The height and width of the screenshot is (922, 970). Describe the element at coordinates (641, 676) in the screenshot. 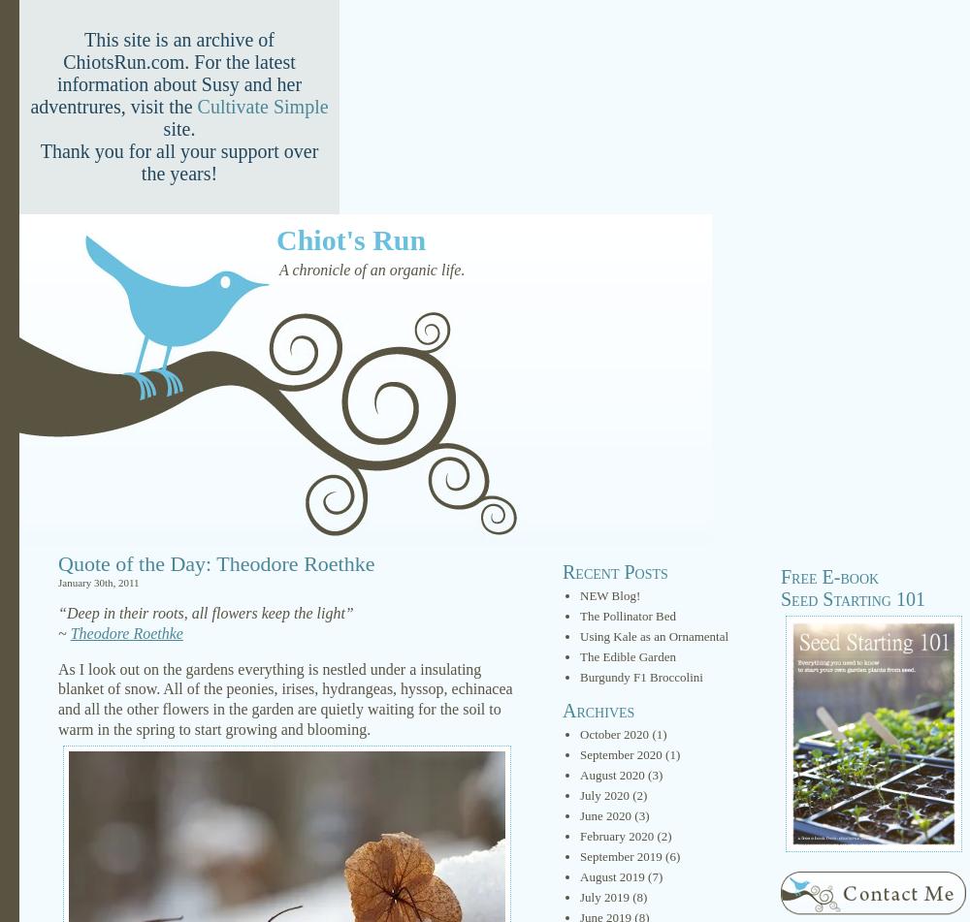

I see `'Burgundy F1 Broccolini'` at that location.